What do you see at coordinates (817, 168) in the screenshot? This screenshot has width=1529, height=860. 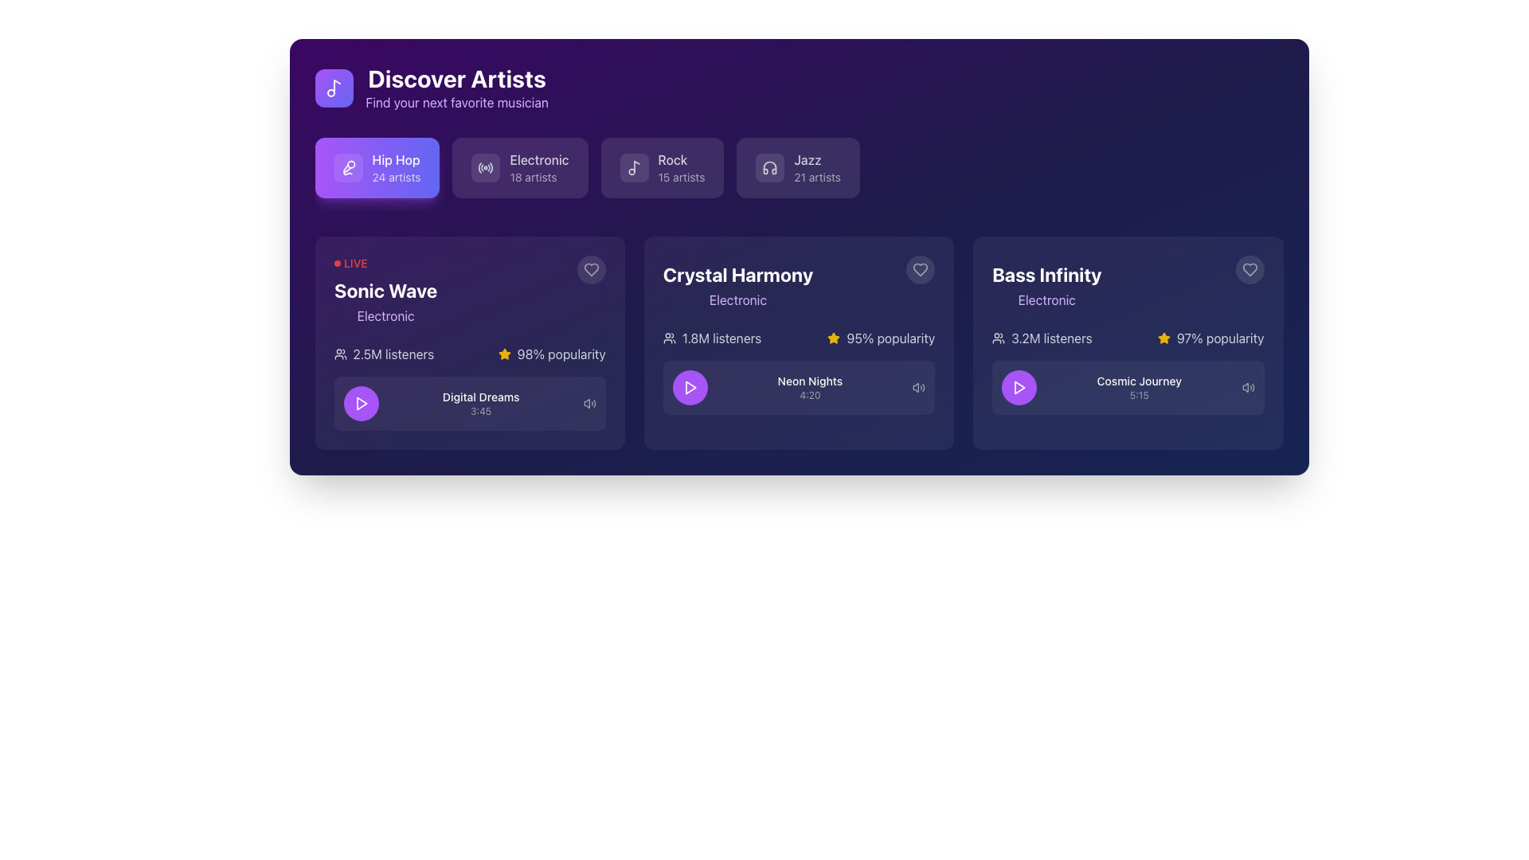 I see `the clickable button labeled 'Jazz'` at bounding box center [817, 168].